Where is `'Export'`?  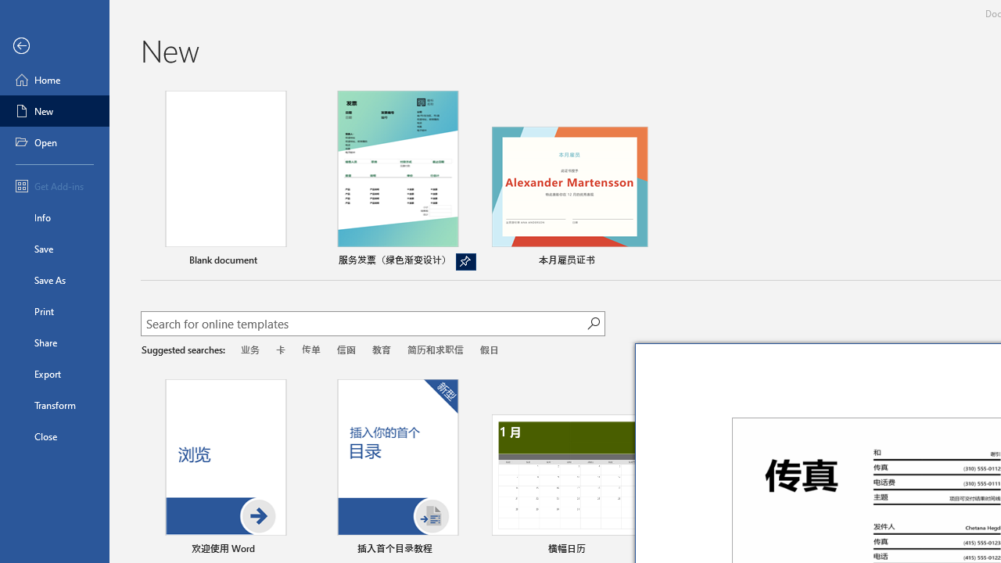
'Export' is located at coordinates (54, 374).